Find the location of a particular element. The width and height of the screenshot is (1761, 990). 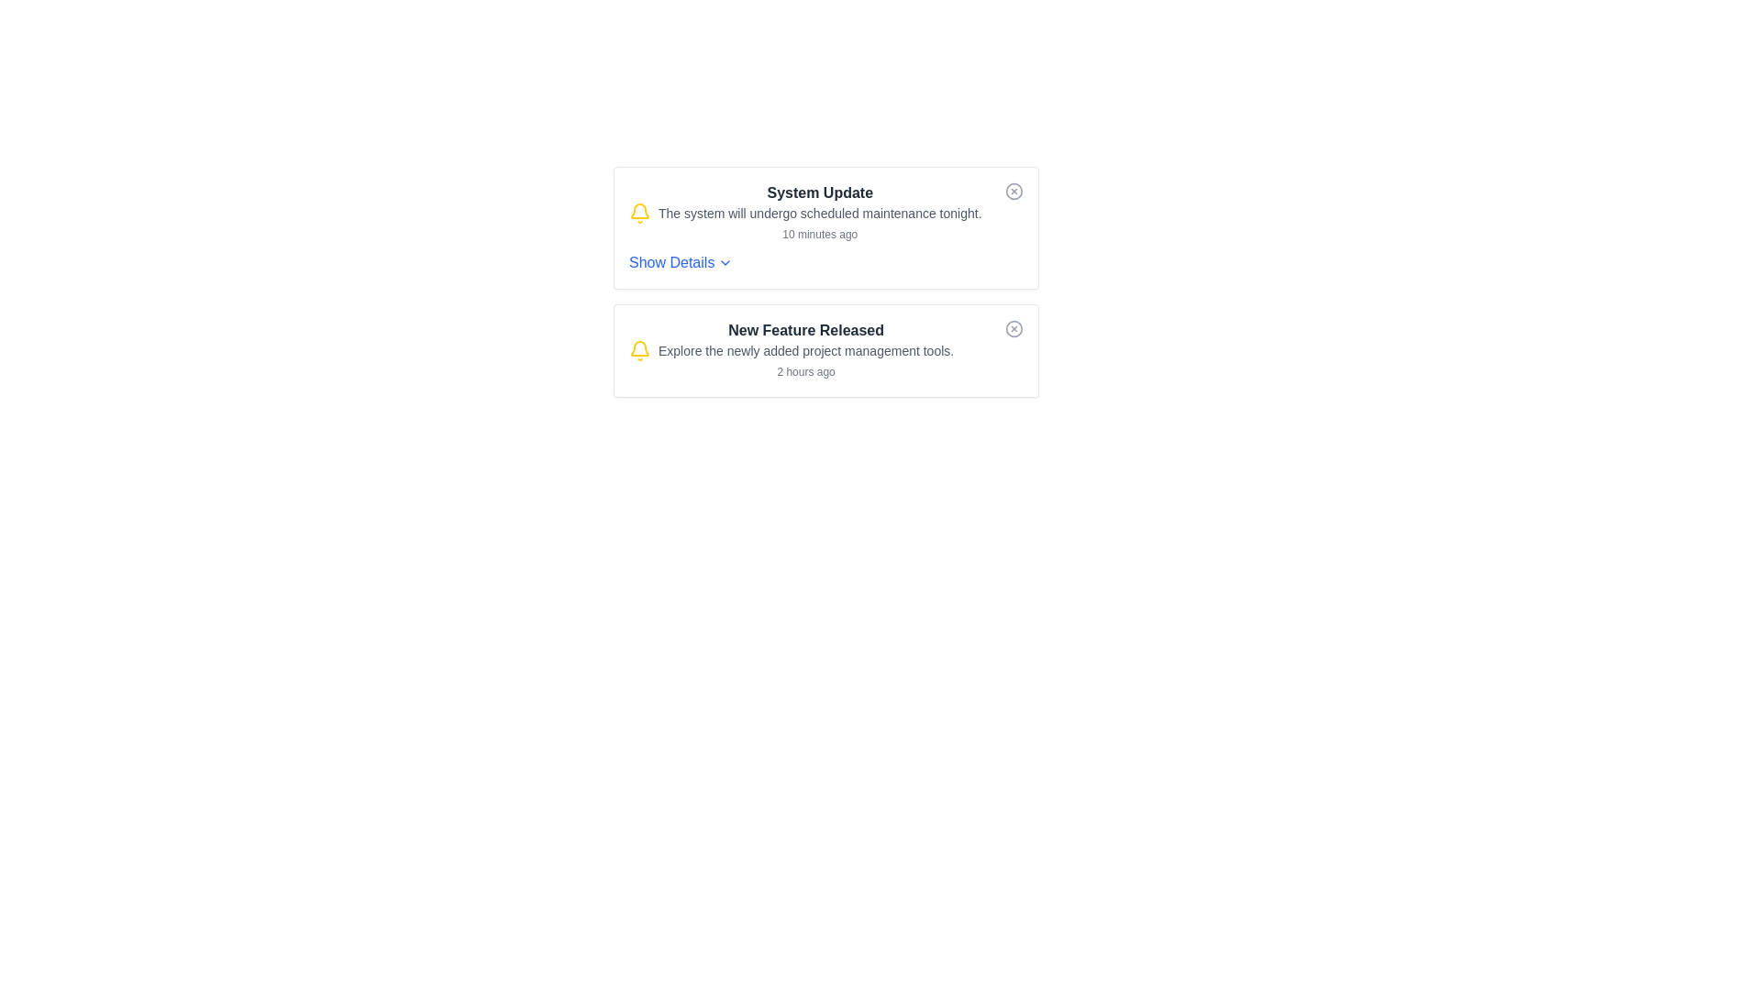

the 'Show Details' text button, which is styled in blue and has an underline on hover is located at coordinates (680, 262).